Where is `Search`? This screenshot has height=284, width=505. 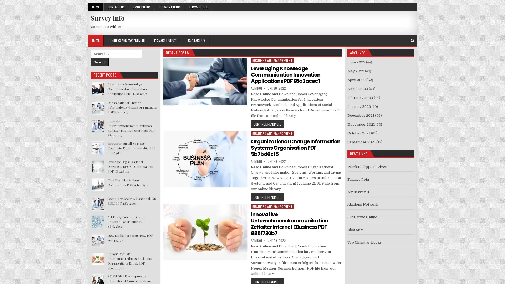
Search is located at coordinates (99, 62).